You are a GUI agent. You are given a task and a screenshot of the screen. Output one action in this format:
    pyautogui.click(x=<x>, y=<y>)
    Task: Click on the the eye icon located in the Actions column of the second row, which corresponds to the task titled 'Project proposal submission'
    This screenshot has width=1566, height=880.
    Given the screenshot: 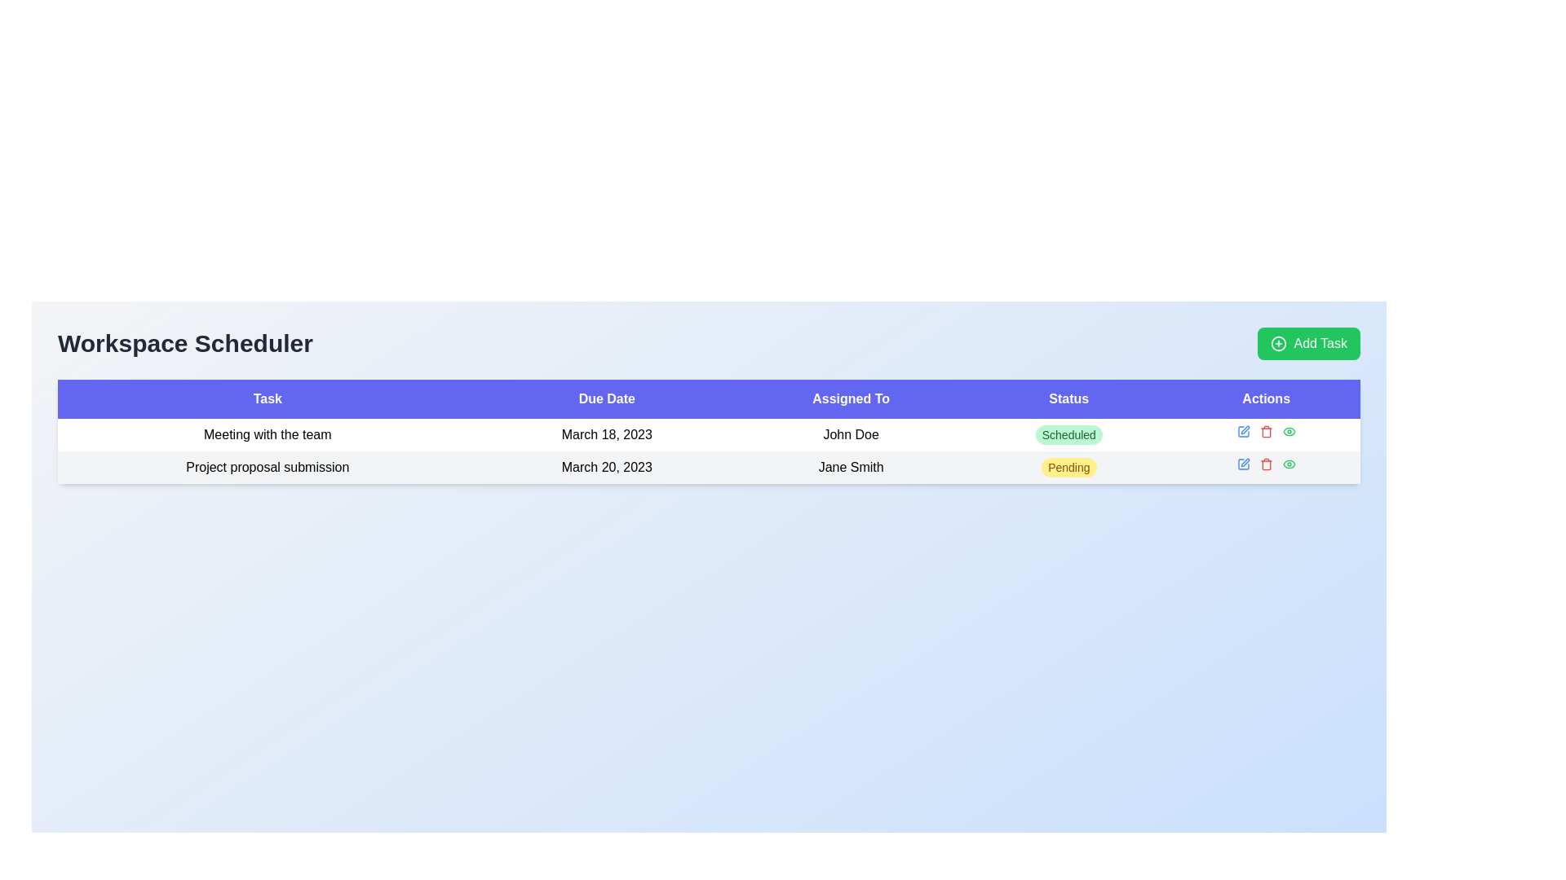 What is the action you would take?
    pyautogui.click(x=1288, y=430)
    